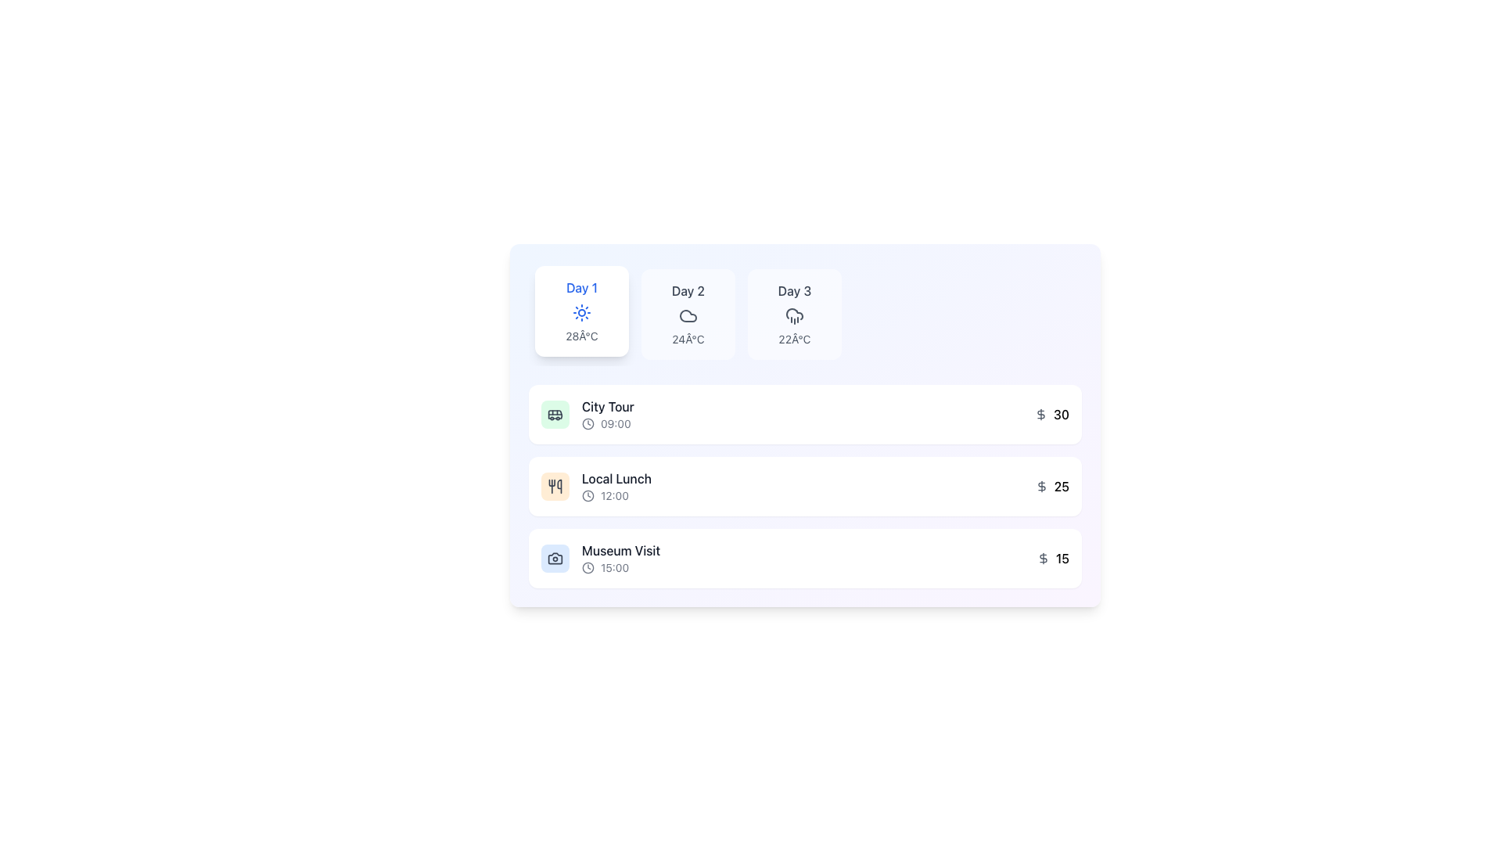 The height and width of the screenshot is (845, 1502). I want to click on the text label displaying '09:00', which is styled with a small font and gray color, located to the right of the clock icon in the first activity item for 'City Tour', so click(615, 424).